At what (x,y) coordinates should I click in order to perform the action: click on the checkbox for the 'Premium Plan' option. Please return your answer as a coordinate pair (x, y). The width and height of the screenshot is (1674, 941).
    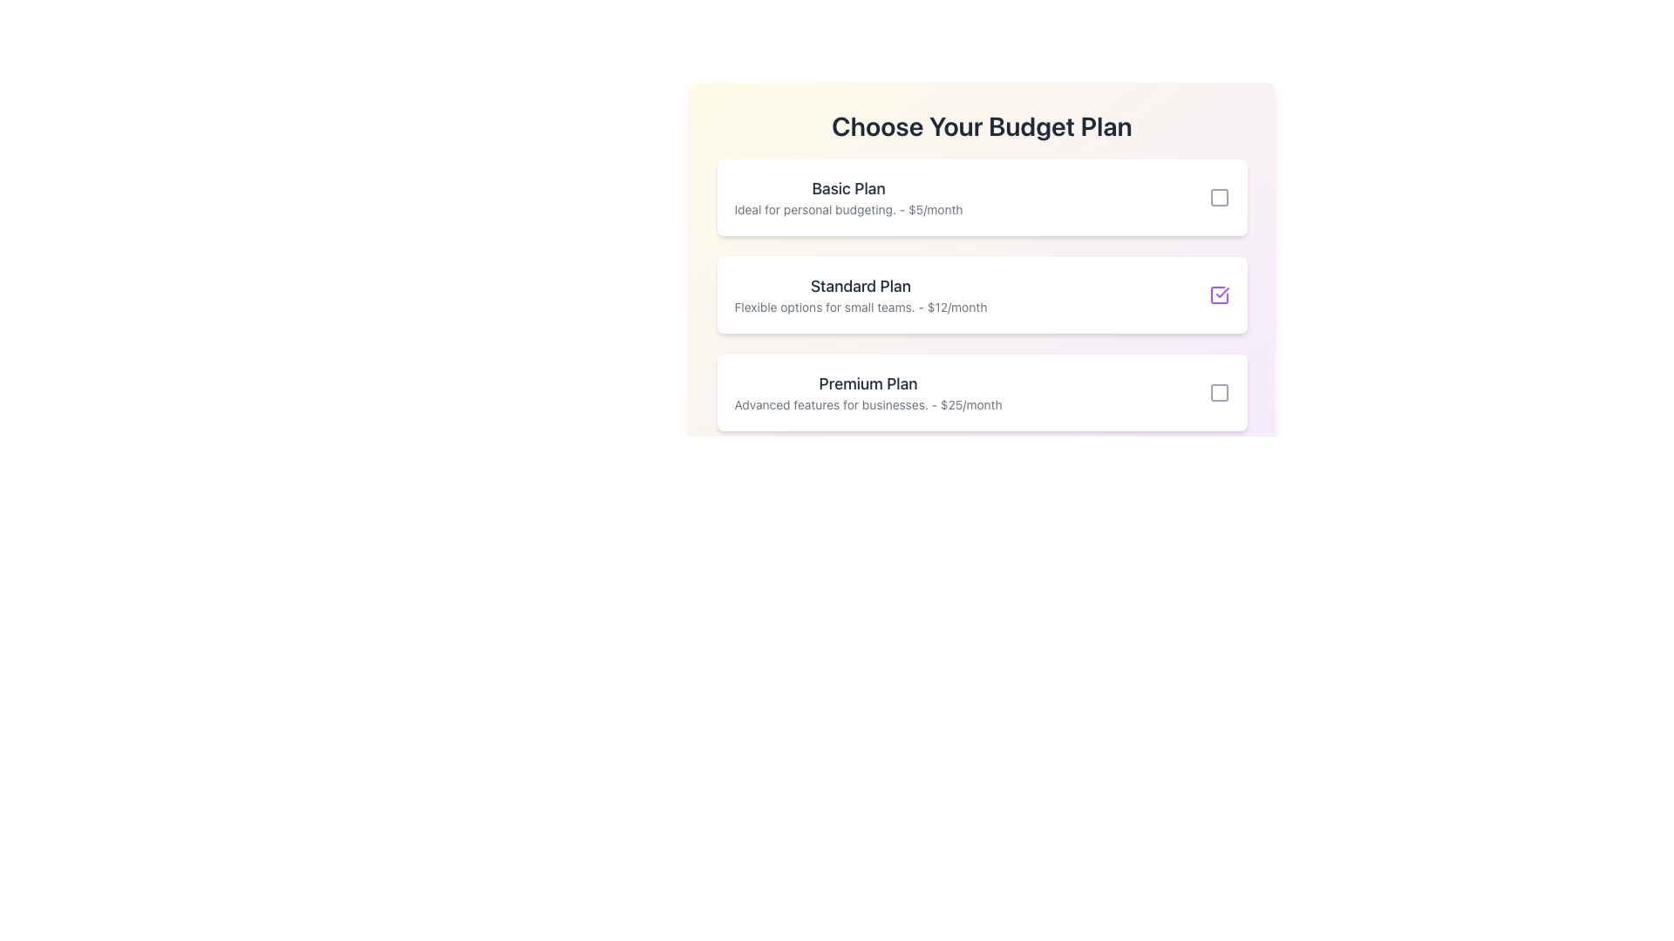
    Looking at the image, I should click on (1218, 393).